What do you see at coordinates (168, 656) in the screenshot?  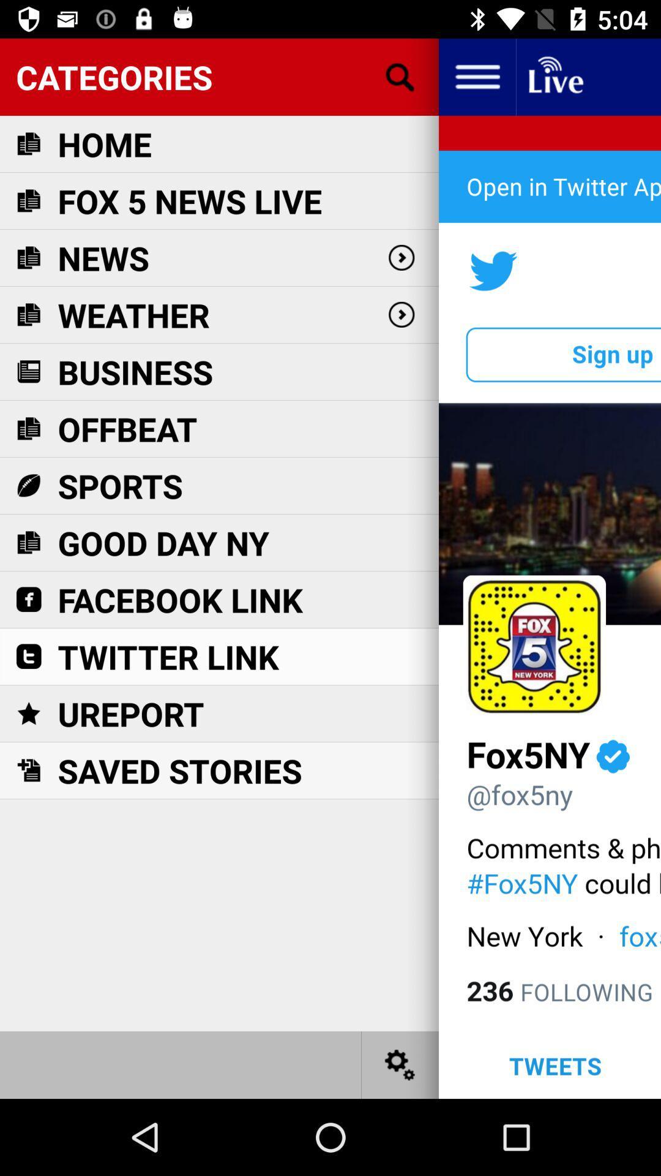 I see `twitter link icon` at bounding box center [168, 656].